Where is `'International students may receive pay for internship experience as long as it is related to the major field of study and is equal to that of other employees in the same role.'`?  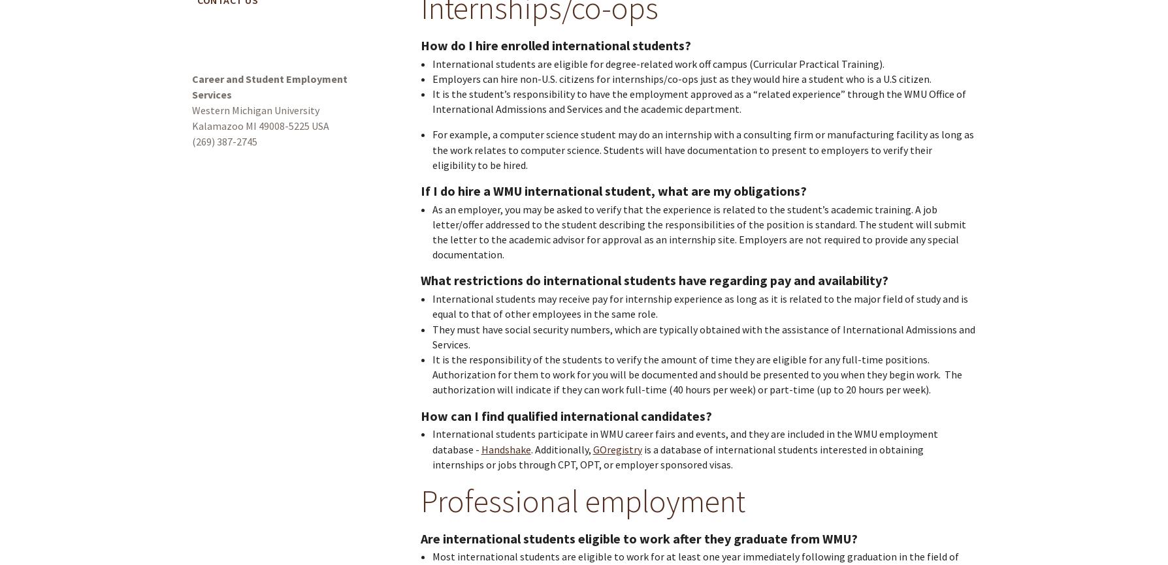 'International students may receive pay for internship experience as long as it is related to the major field of study and is equal to that of other employees in the same role.' is located at coordinates (700, 306).